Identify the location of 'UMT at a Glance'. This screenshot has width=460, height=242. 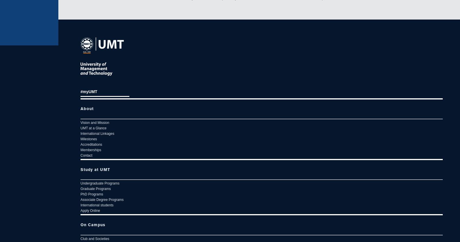
(93, 127).